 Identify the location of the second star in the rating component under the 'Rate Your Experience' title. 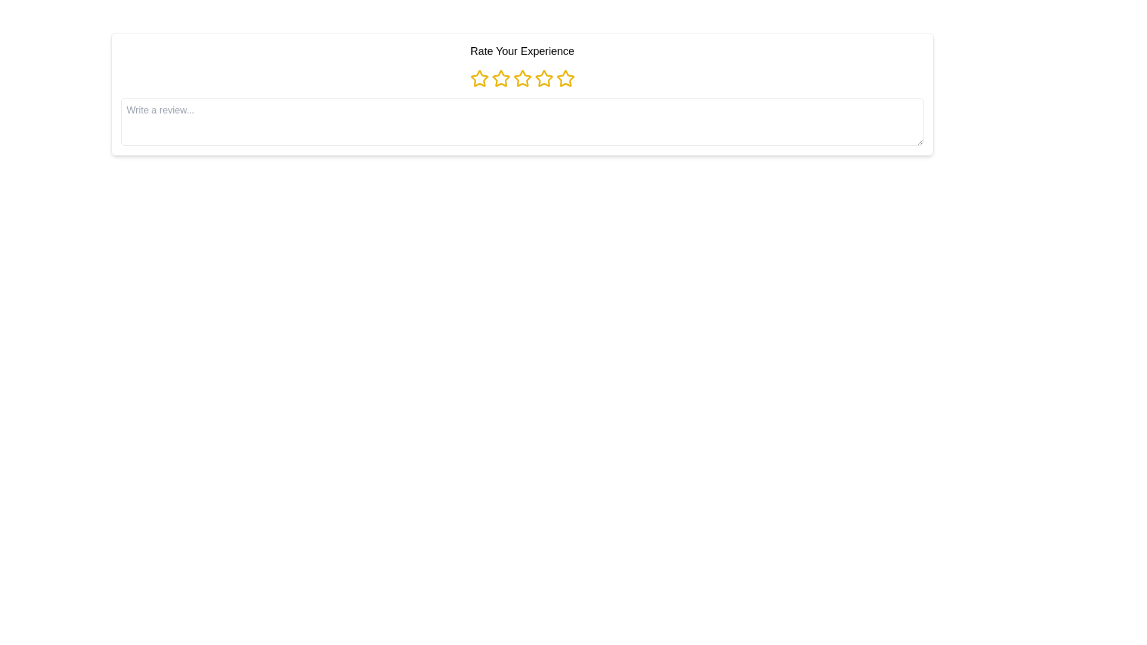
(501, 78).